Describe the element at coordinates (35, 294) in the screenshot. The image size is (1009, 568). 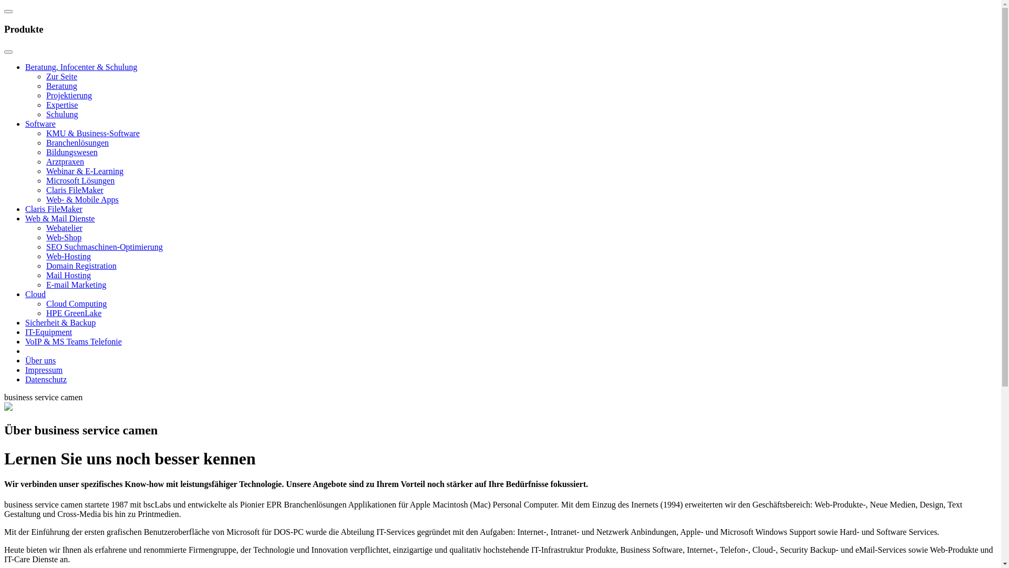
I see `'Cloud'` at that location.